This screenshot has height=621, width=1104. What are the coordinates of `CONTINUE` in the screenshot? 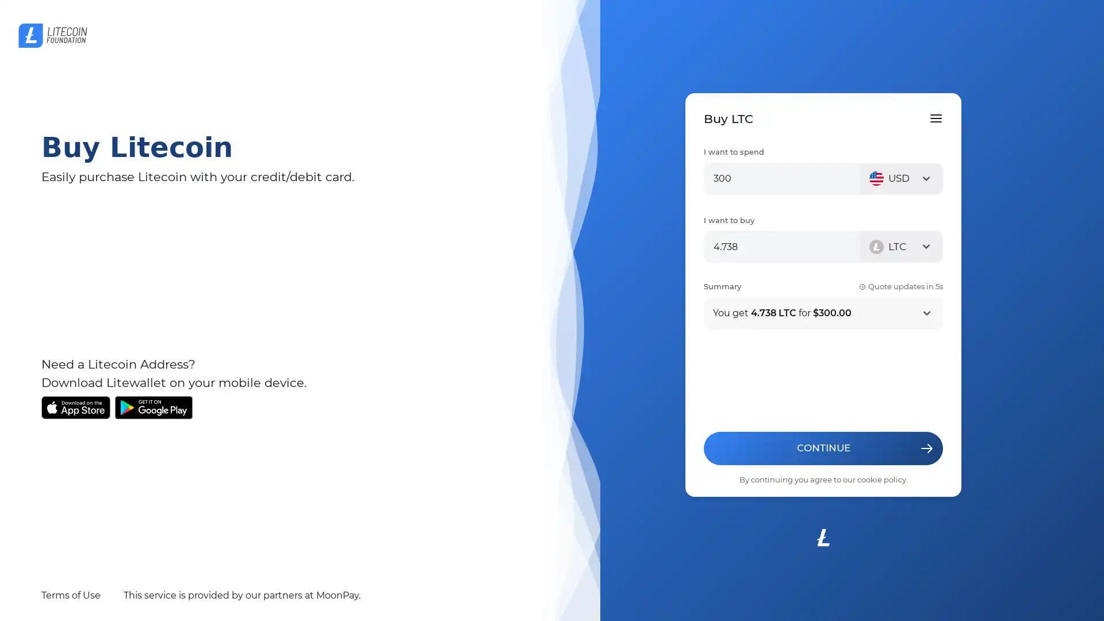 It's located at (822, 447).